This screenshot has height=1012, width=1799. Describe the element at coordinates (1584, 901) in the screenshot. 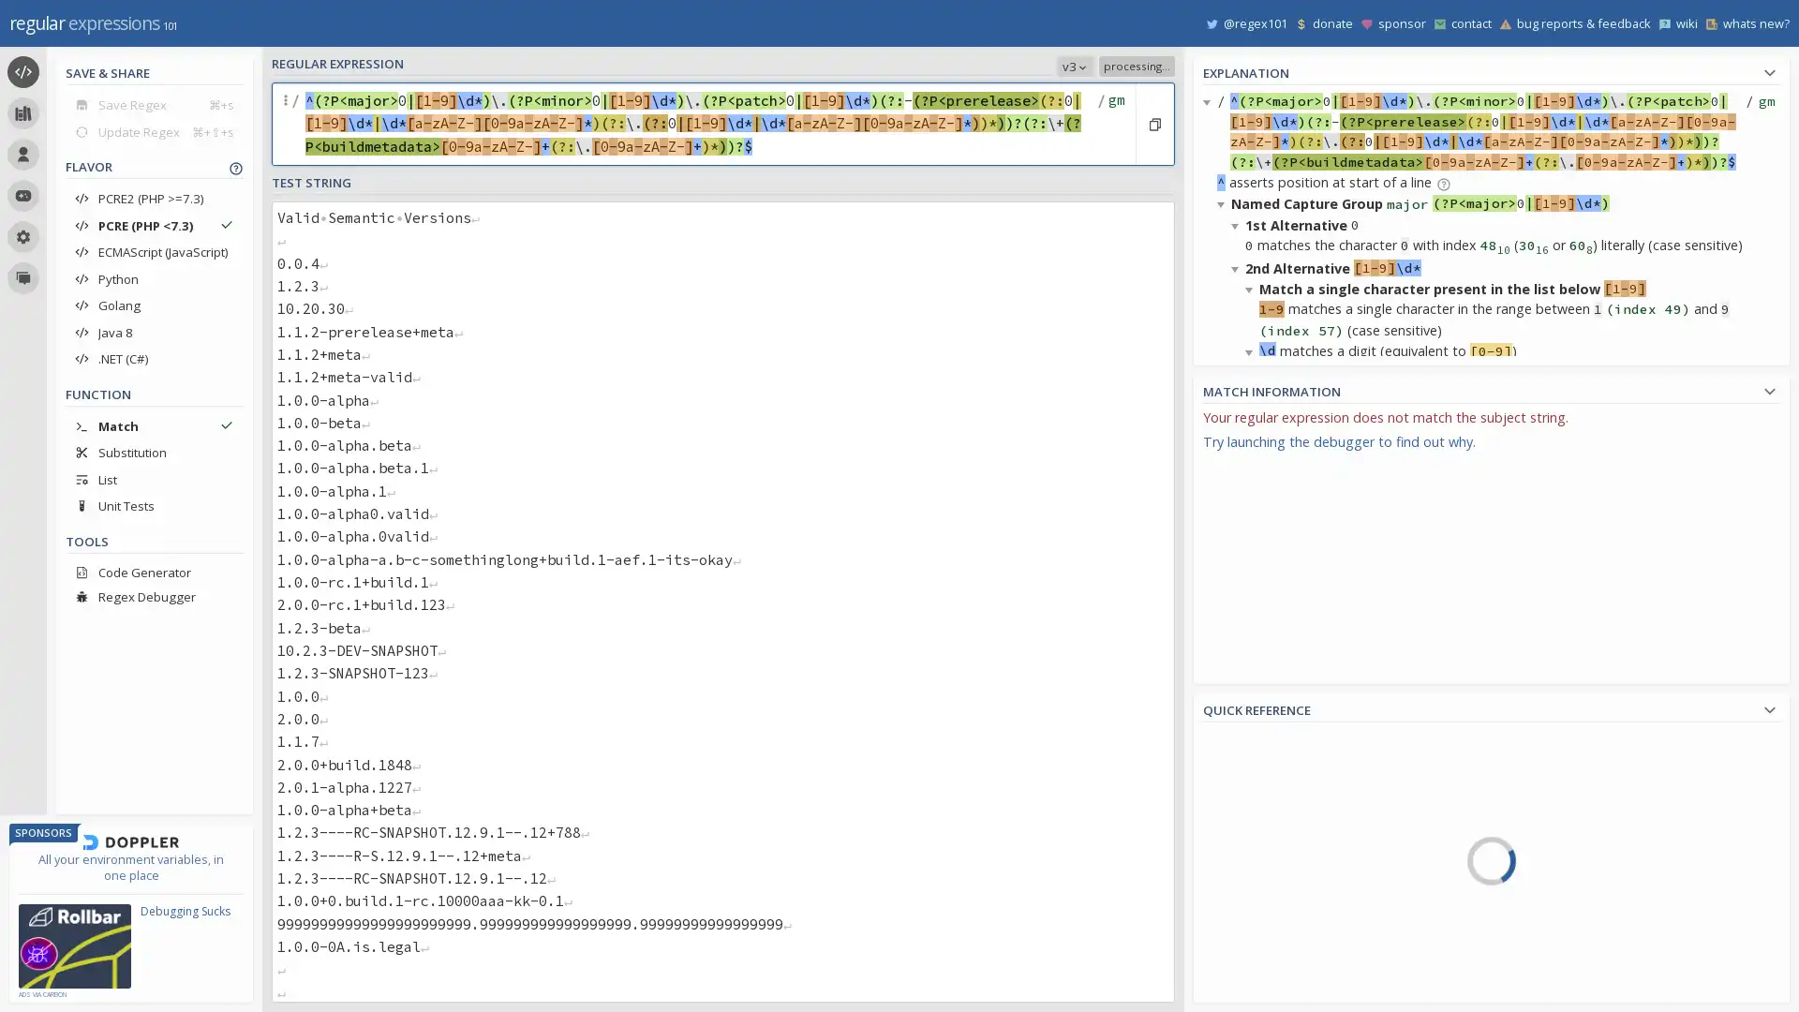

I see `Alternate - match either a or b a|b` at that location.